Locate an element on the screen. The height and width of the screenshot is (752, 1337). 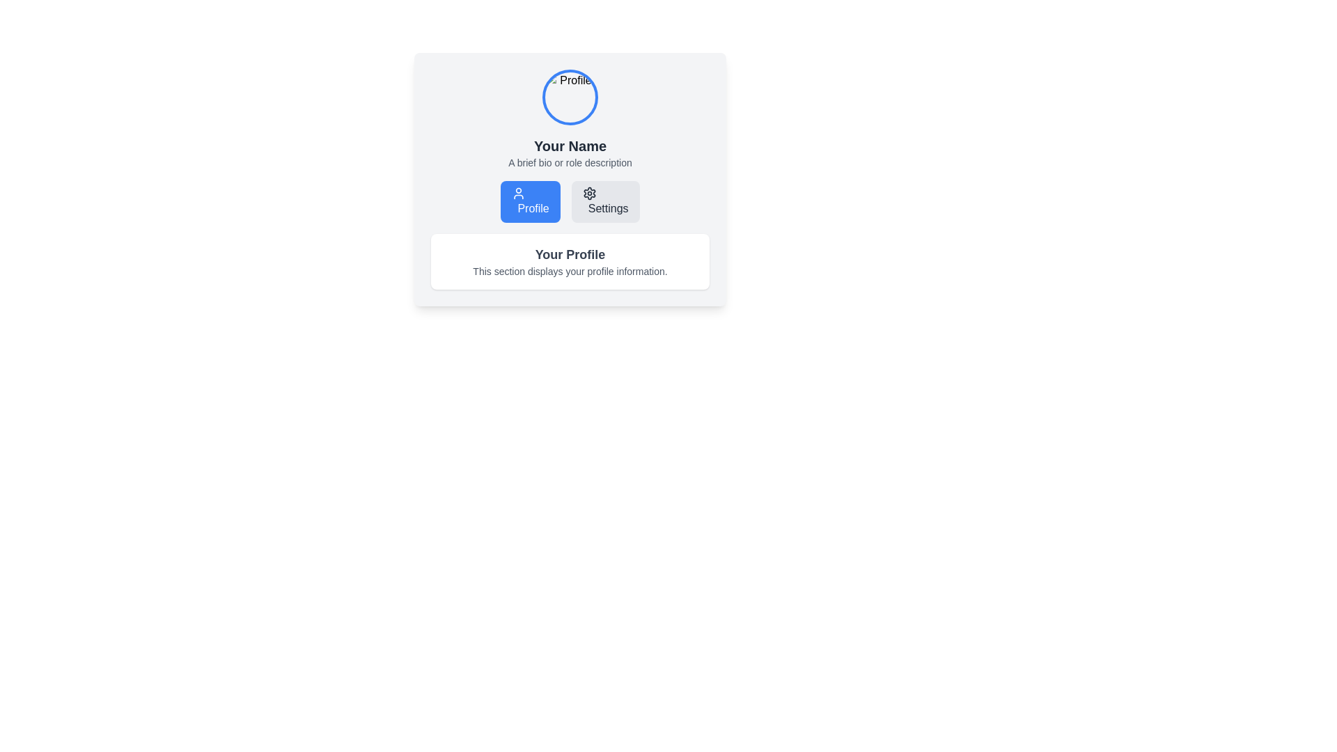
the 'Profile' text label within the blue rectangular button is located at coordinates (533, 208).